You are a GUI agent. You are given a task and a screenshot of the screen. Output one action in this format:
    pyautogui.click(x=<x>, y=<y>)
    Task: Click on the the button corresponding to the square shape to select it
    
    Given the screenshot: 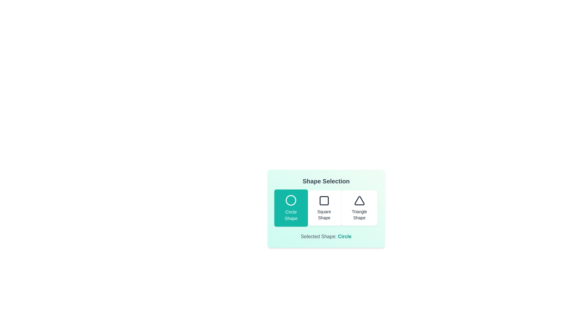 What is the action you would take?
    pyautogui.click(x=324, y=207)
    